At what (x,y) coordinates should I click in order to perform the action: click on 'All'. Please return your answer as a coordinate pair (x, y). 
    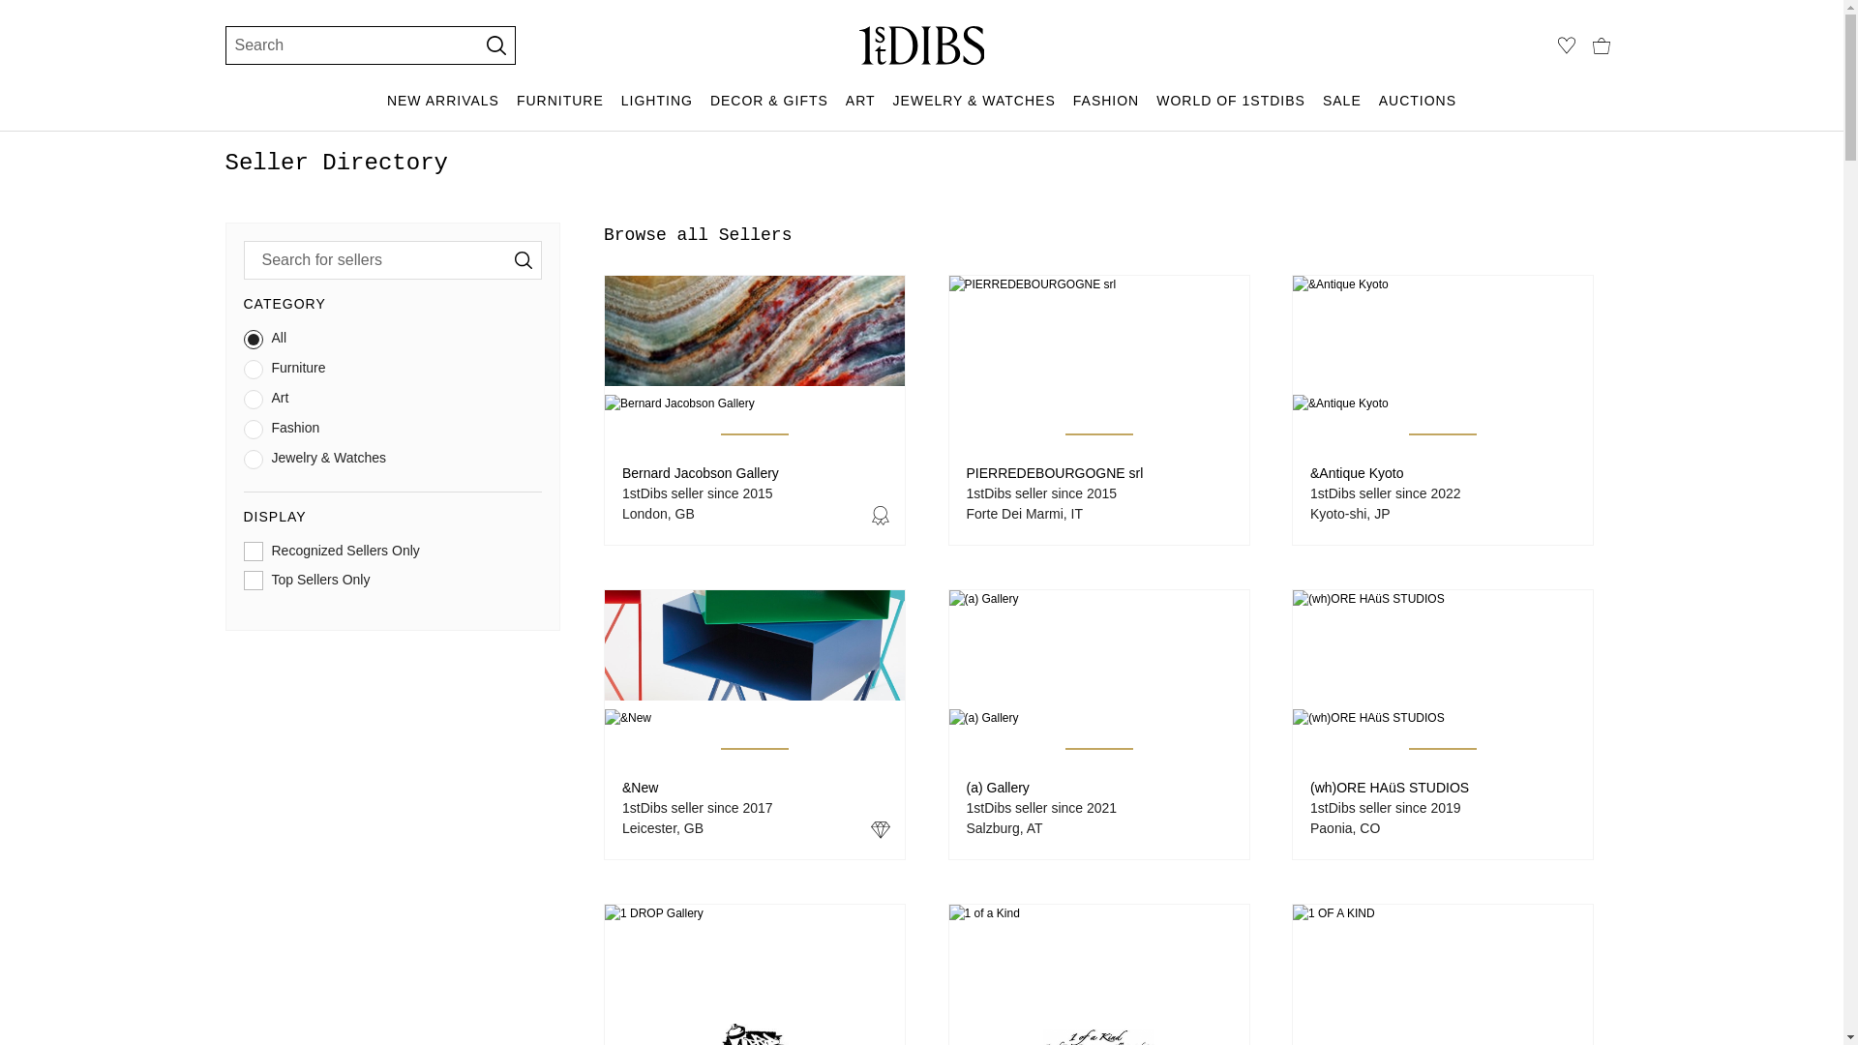
    Looking at the image, I should click on (243, 342).